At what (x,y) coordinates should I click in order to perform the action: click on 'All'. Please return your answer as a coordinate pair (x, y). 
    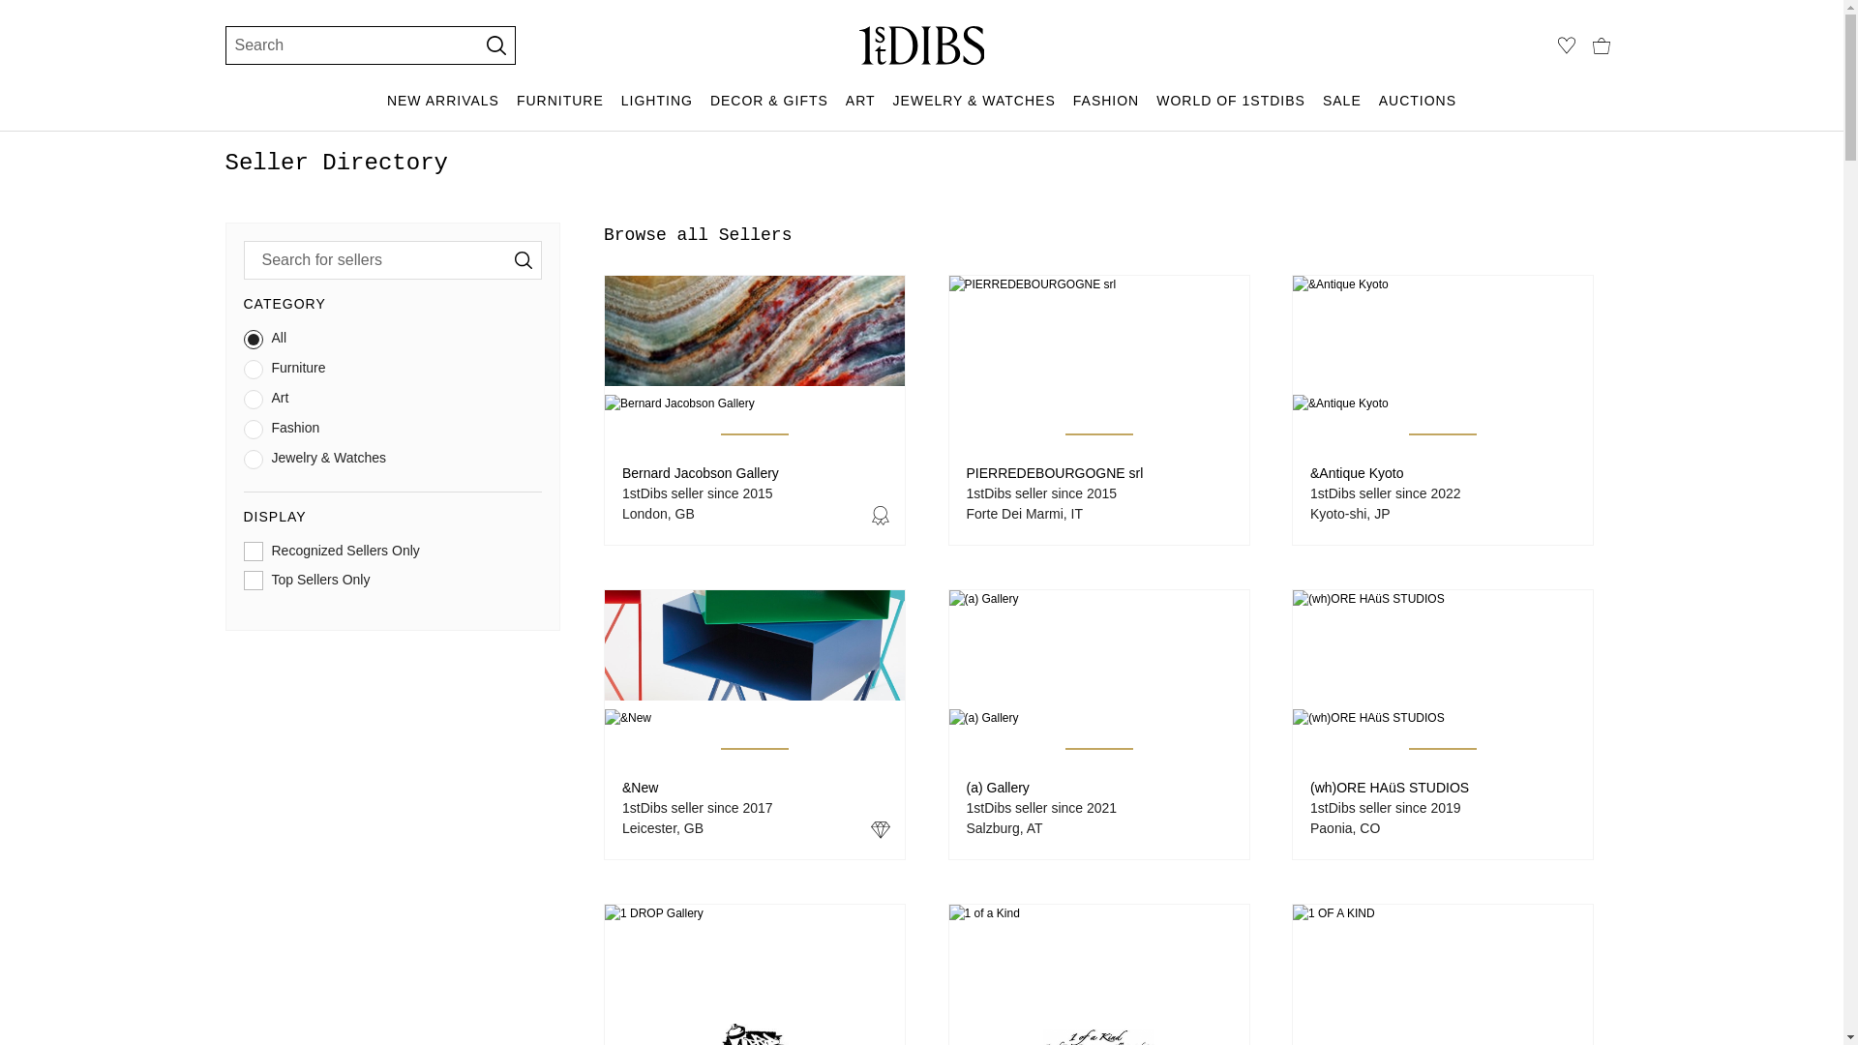
    Looking at the image, I should click on (243, 342).